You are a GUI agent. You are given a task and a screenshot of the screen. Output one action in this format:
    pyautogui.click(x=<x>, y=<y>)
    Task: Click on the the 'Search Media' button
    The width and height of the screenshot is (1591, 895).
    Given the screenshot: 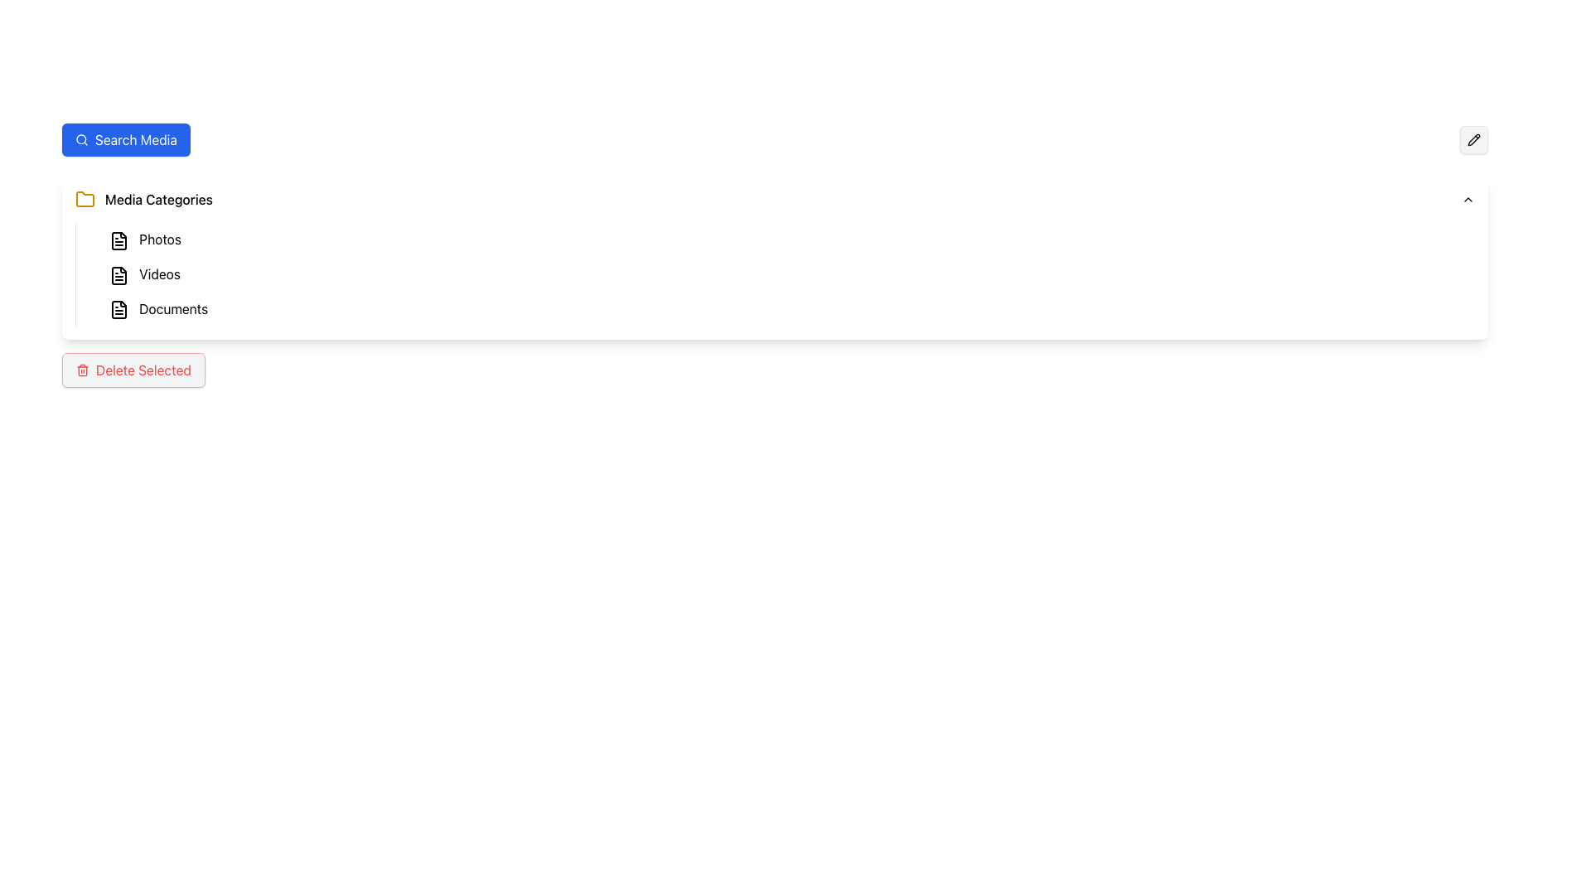 What is the action you would take?
    pyautogui.click(x=81, y=139)
    